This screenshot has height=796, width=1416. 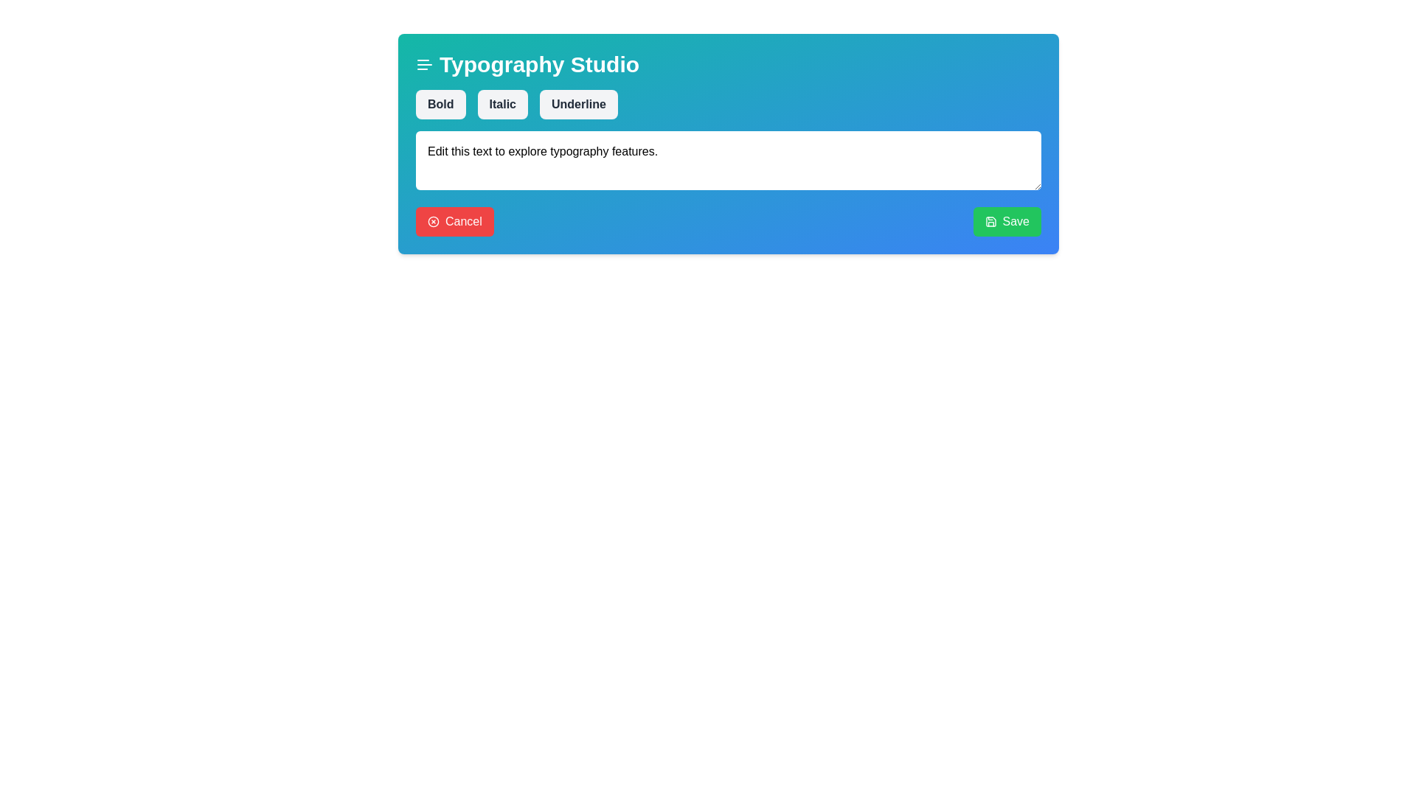 I want to click on the circular vector graphic element located within the red 'Cancel' button, which is positioned to the left of the 'Save' button, so click(x=433, y=221).